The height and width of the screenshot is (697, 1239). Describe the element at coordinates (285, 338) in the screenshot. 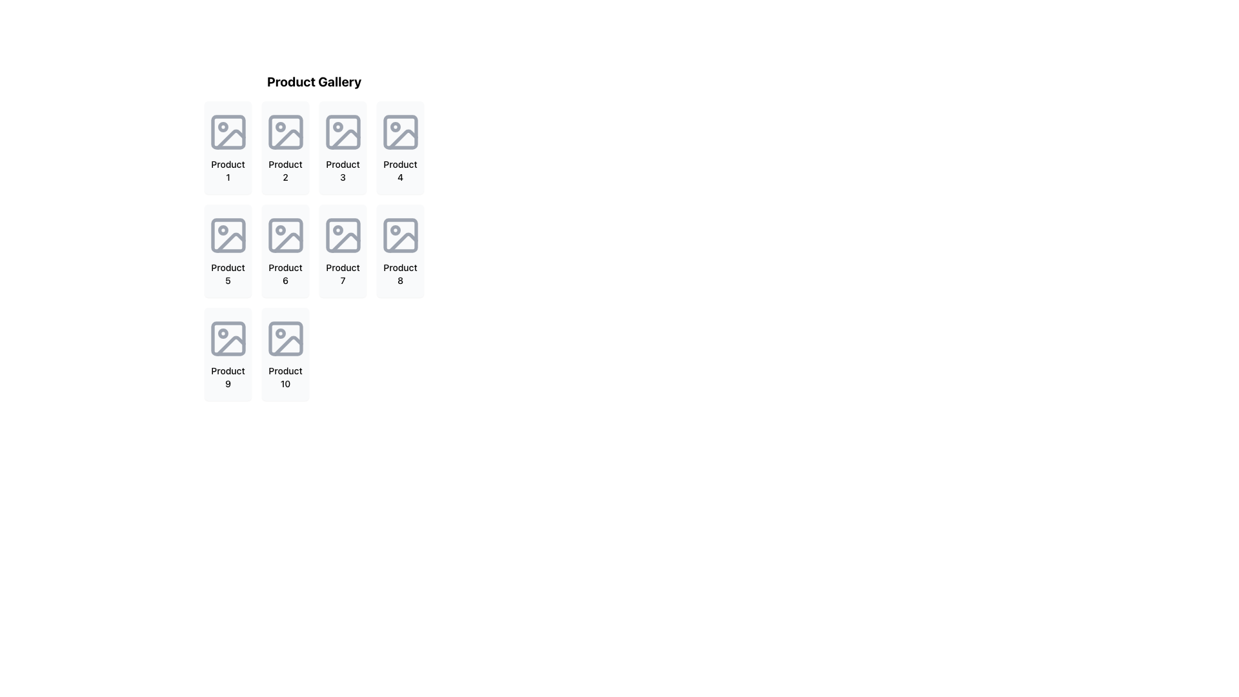

I see `the rectangular graphic component that serves as the background for the 'Product 10' icon, located in the bottom row, second column` at that location.